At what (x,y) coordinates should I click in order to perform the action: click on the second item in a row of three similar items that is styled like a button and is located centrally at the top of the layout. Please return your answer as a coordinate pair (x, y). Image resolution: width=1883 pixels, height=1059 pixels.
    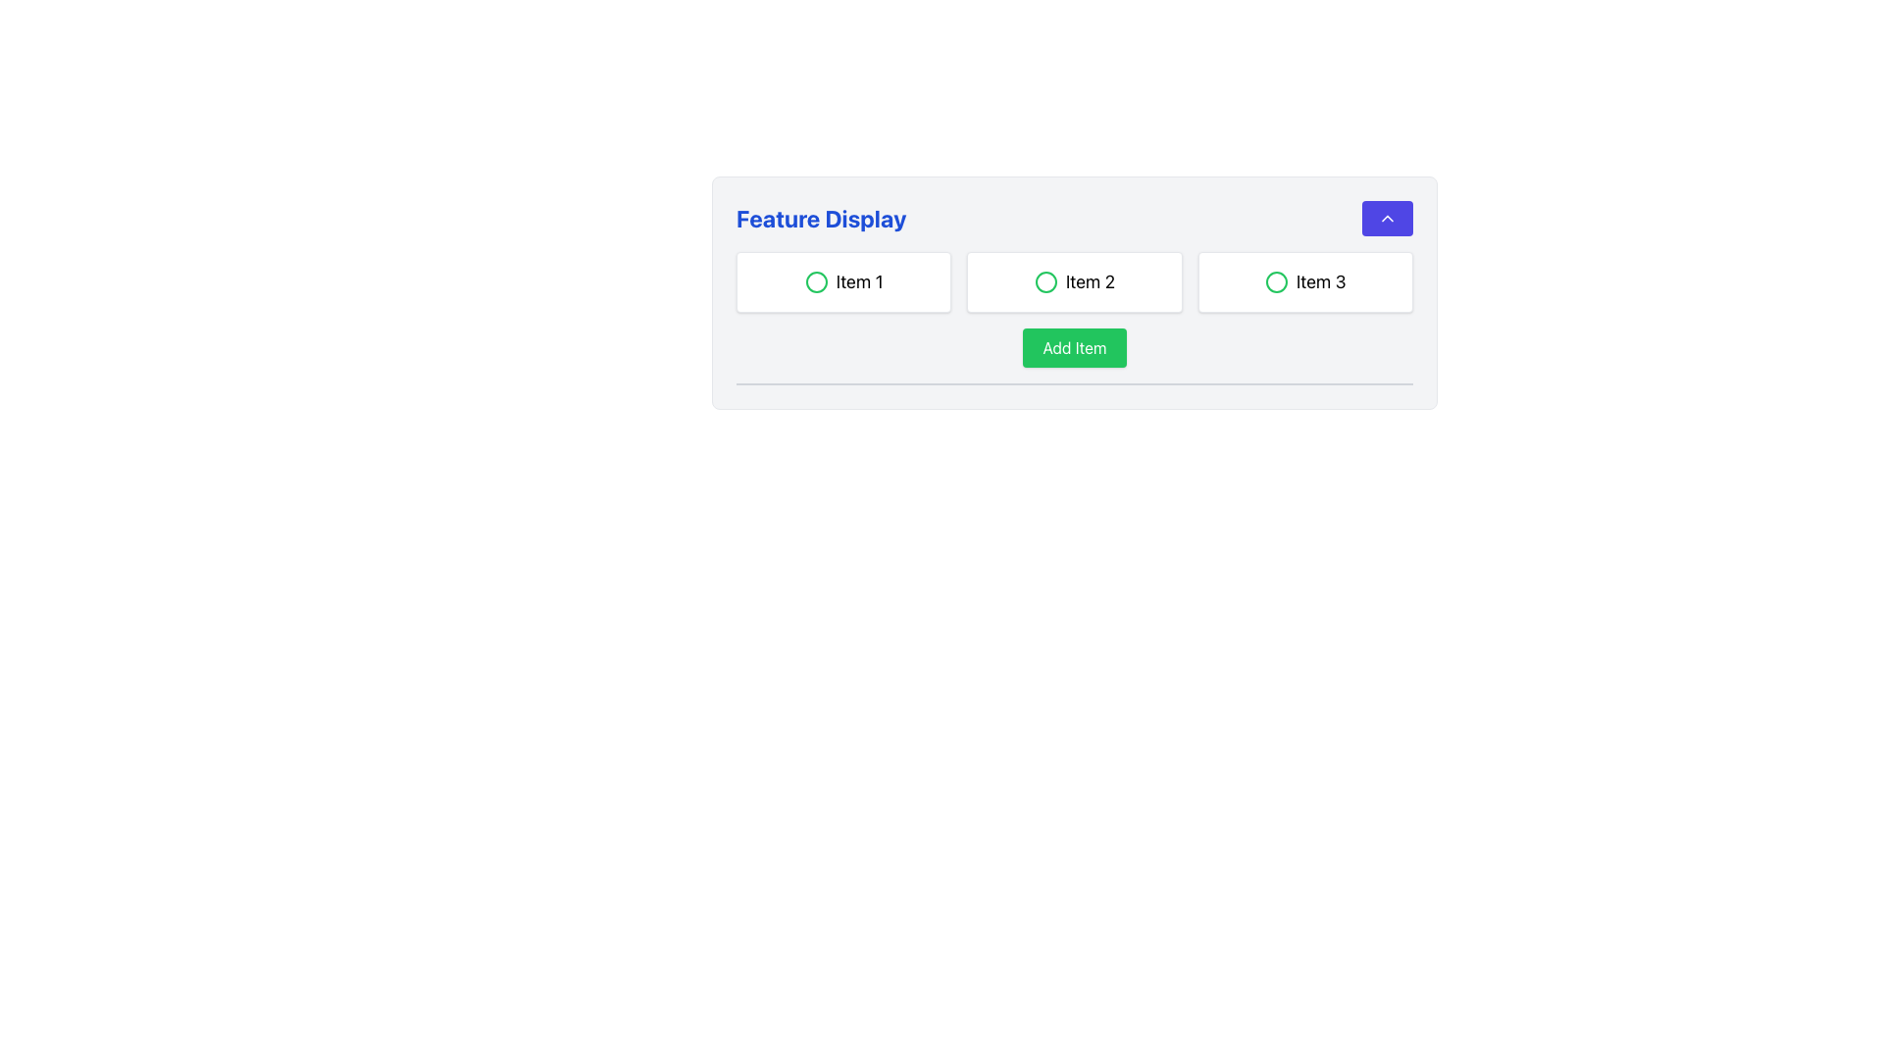
    Looking at the image, I should click on (1073, 282).